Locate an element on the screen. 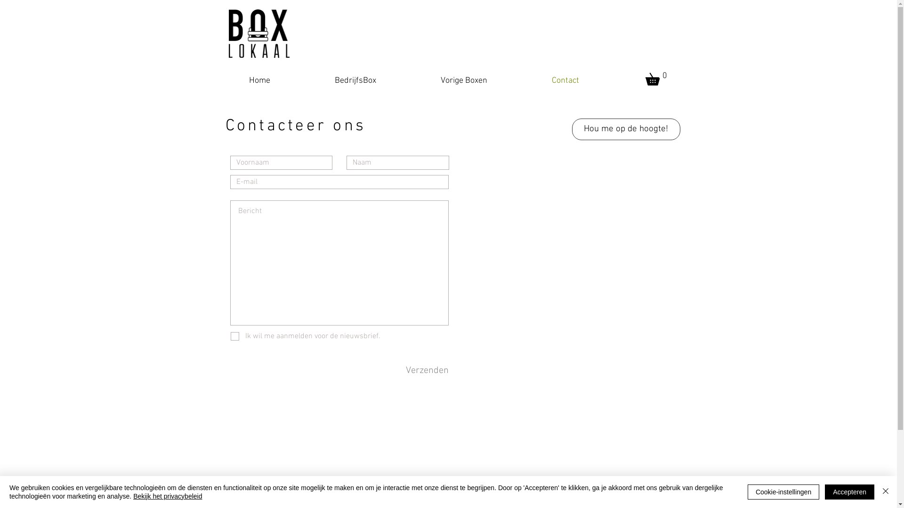 This screenshot has height=508, width=904. 'Home' is located at coordinates (282, 80).